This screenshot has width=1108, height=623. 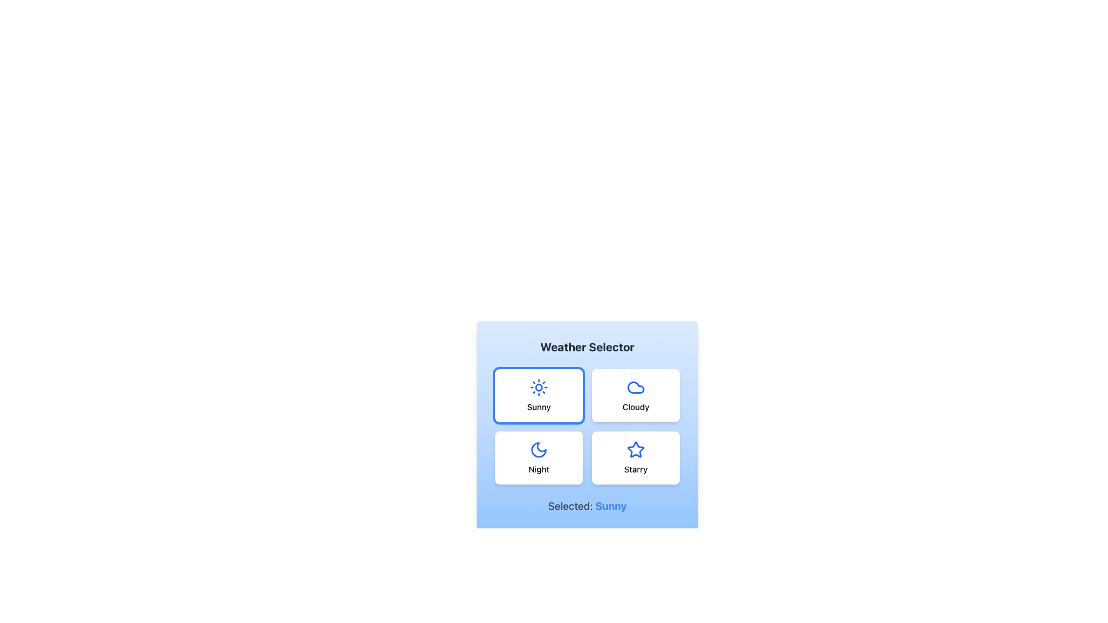 What do you see at coordinates (635, 469) in the screenshot?
I see `the 'Starry' text label located inside the 'Starry' button in the bottom-right quadrant of the interface` at bounding box center [635, 469].